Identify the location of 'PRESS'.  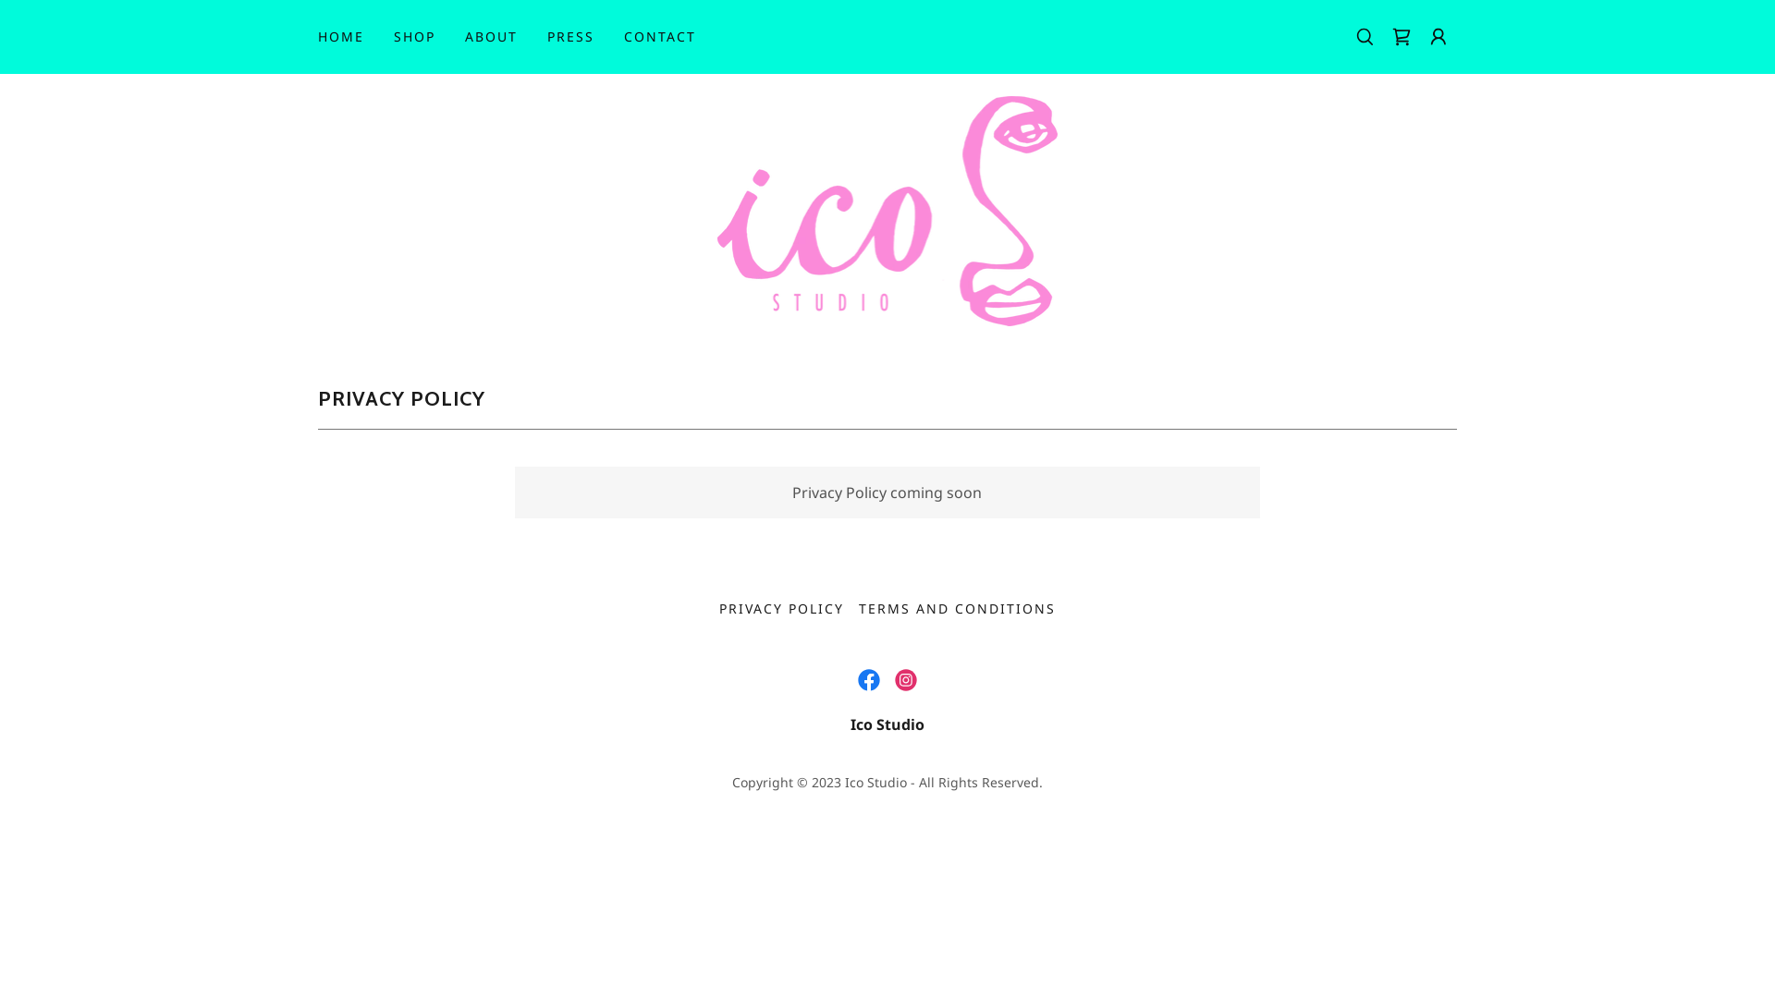
(569, 36).